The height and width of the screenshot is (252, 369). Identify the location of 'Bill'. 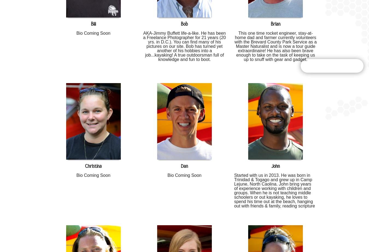
(90, 24).